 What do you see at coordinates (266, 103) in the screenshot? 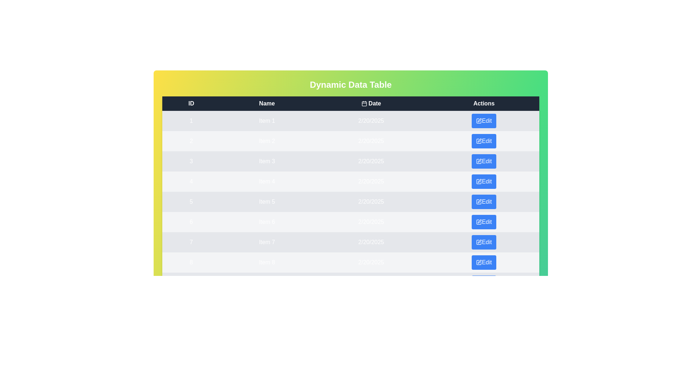
I see `the header to sort the column by Name` at bounding box center [266, 103].